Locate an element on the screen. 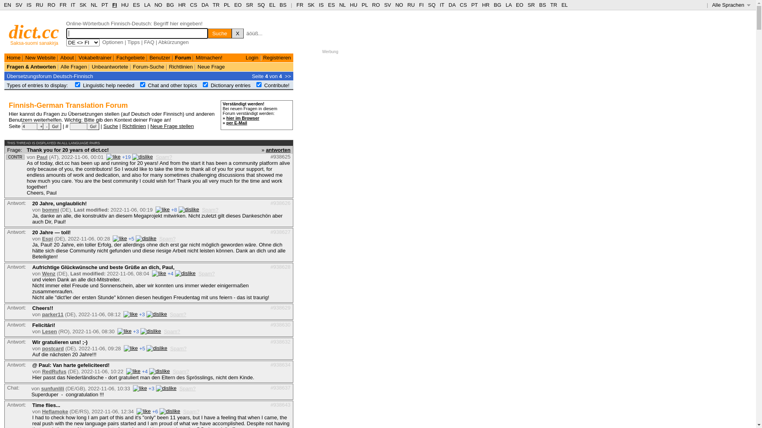 The height and width of the screenshot is (428, 762). 'Tipps' is located at coordinates (133, 42).